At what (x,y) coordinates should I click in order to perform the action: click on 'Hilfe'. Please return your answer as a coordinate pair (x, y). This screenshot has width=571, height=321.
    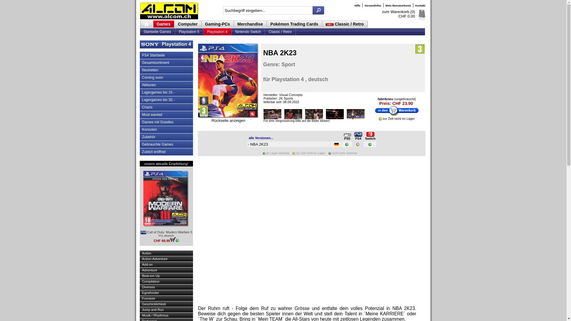
    Looking at the image, I should click on (357, 6).